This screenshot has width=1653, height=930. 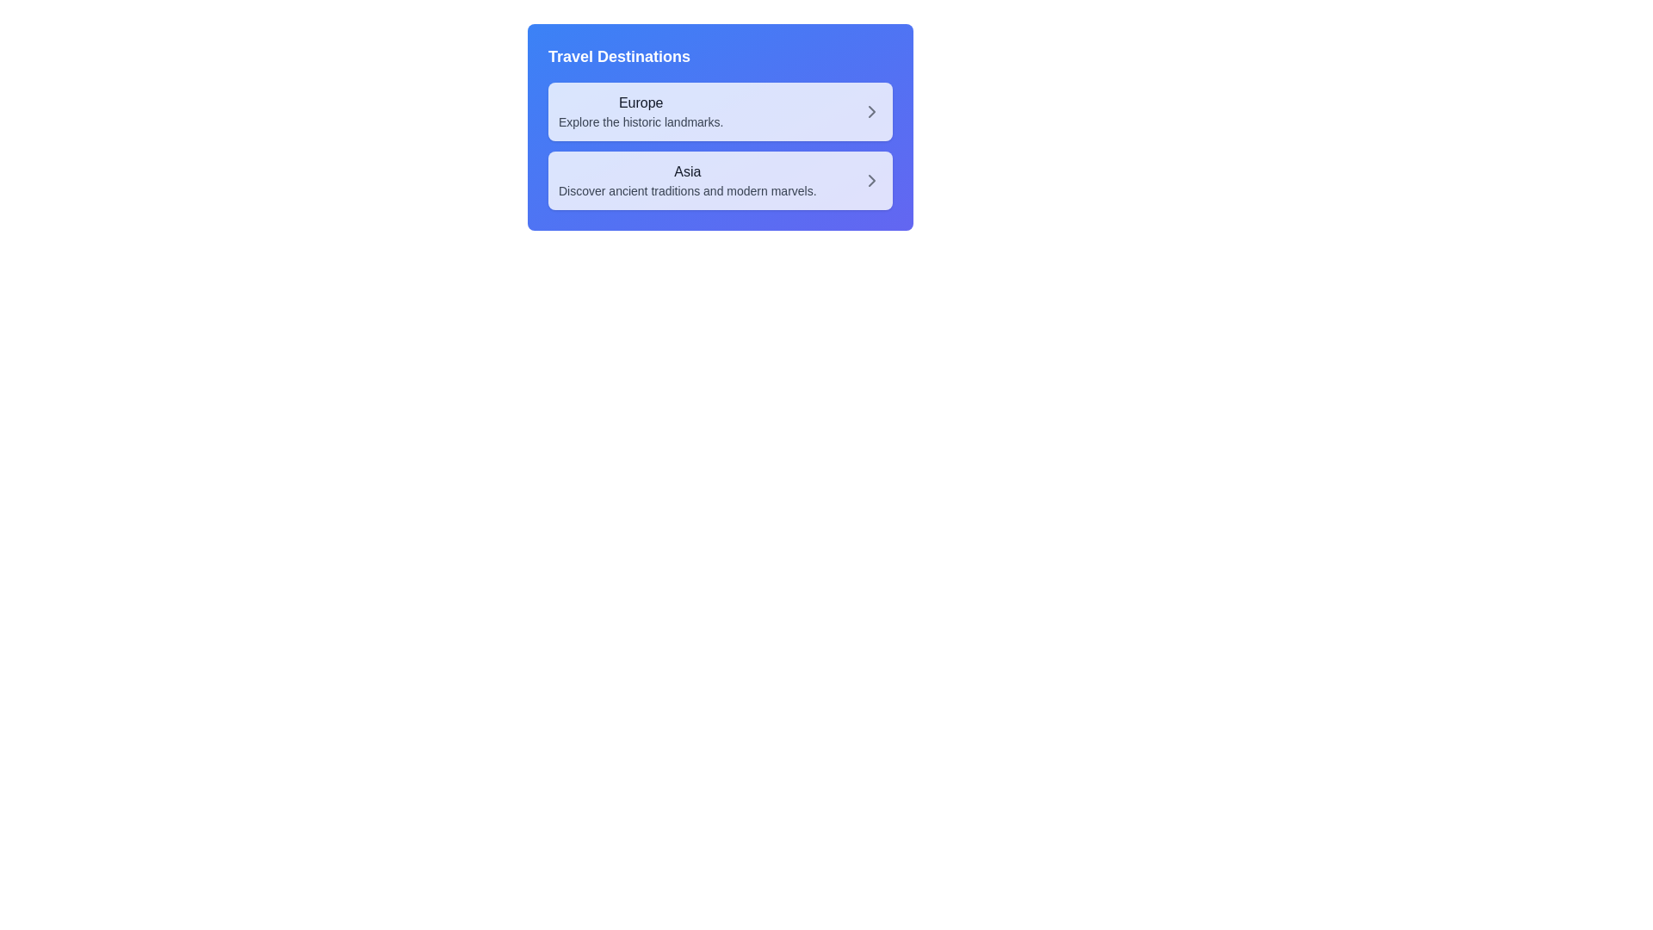 I want to click on the interactive navigational icon located in the bottom box labeled 'Asia', so click(x=871, y=180).